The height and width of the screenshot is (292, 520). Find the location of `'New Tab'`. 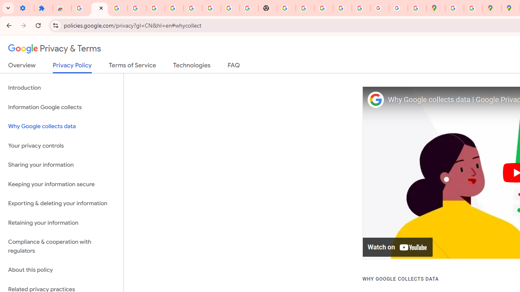

'New Tab' is located at coordinates (268, 8).